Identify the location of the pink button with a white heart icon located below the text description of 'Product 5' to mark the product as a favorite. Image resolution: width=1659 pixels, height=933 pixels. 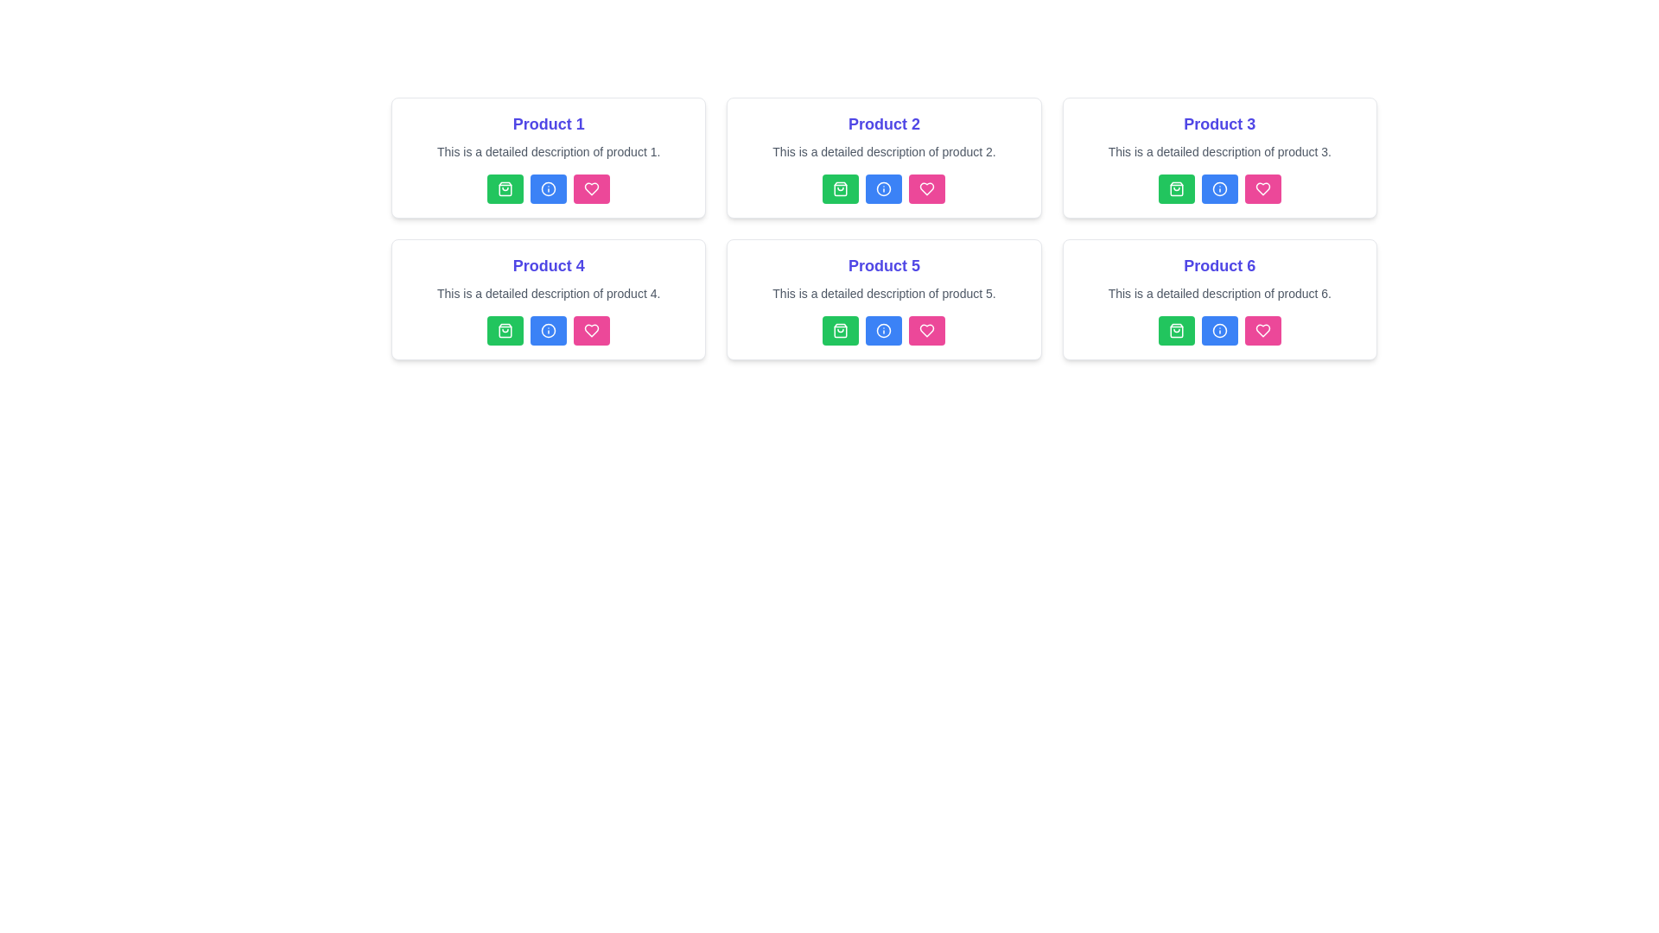
(926, 330).